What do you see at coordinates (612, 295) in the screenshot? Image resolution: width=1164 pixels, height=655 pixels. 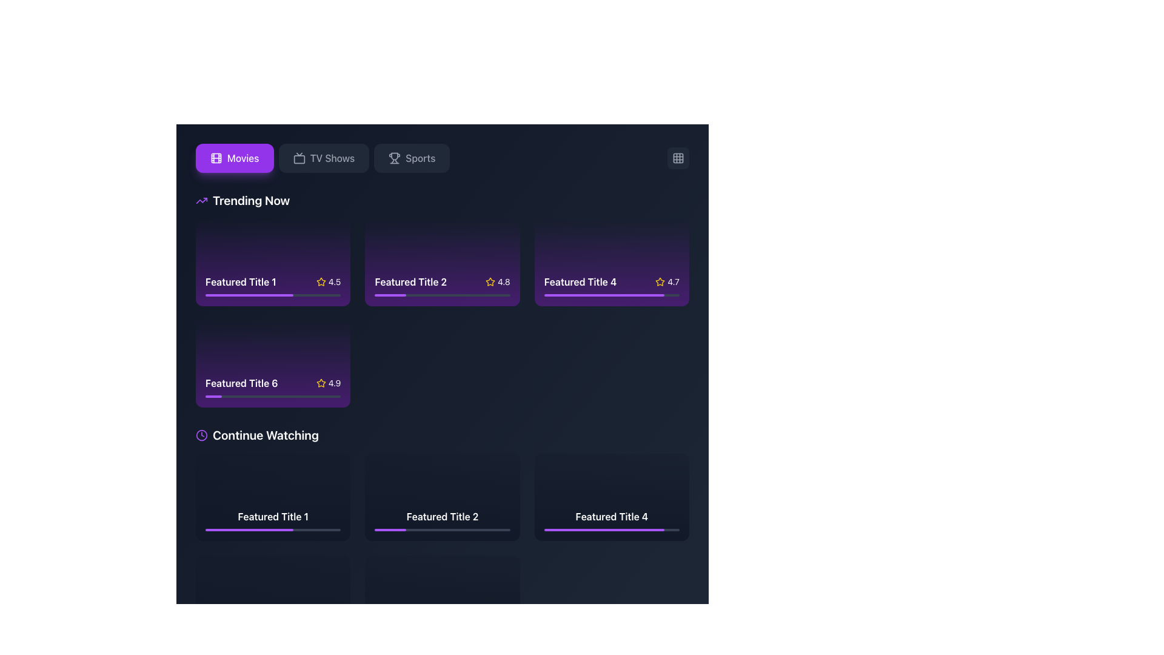 I see `the progress level of the thin progress bar with a light gray background and purple-filled part, located within the content card for 'Featured Title 4' in the 'Trending Now' section` at bounding box center [612, 295].